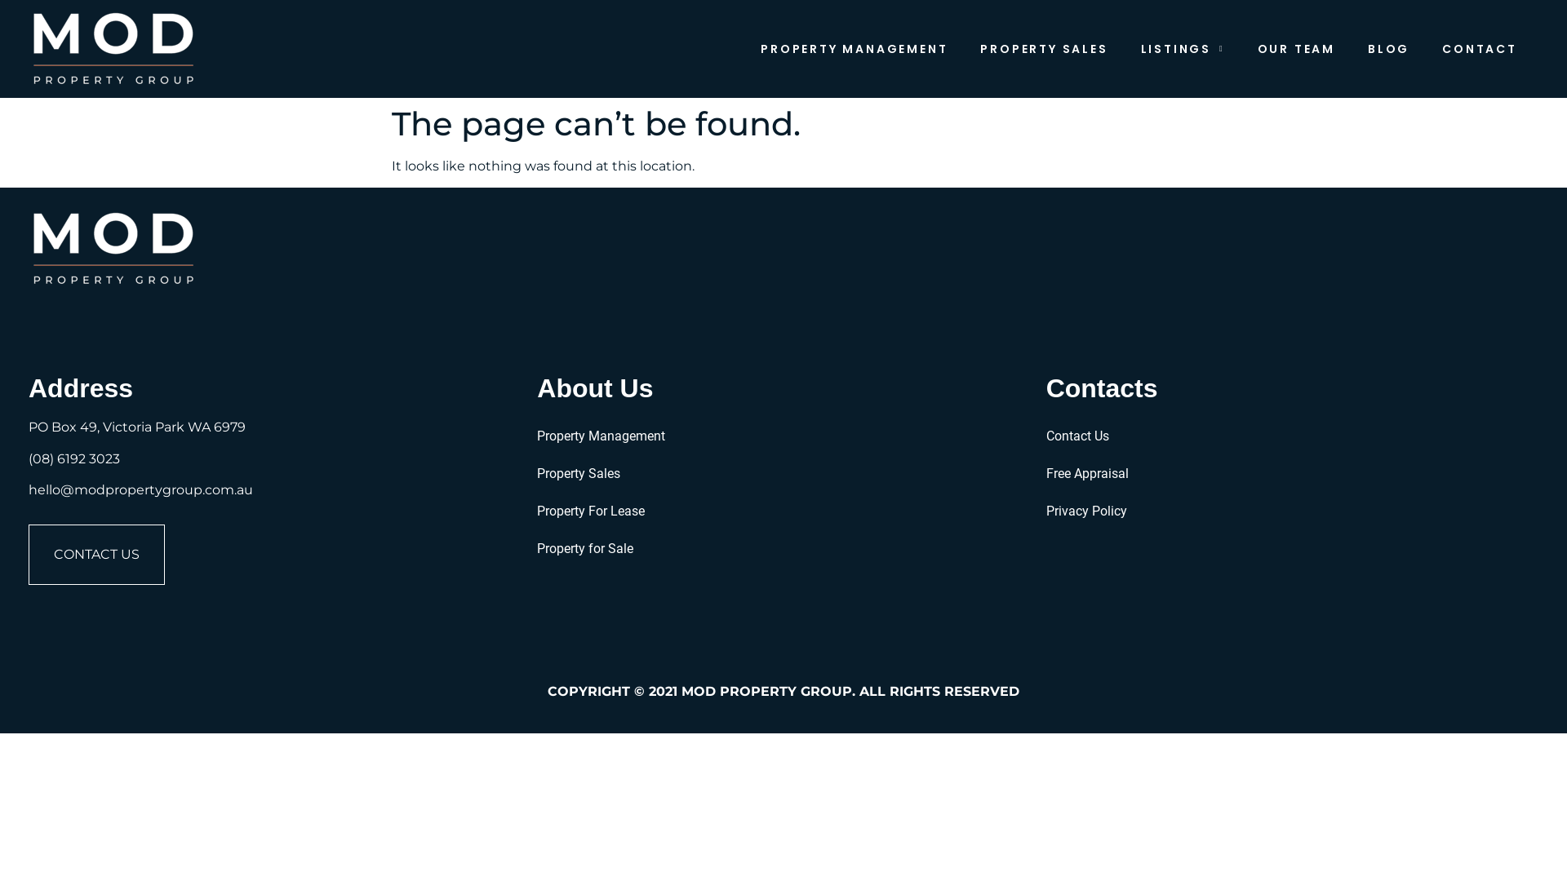  I want to click on 'BLOG', so click(1387, 48).